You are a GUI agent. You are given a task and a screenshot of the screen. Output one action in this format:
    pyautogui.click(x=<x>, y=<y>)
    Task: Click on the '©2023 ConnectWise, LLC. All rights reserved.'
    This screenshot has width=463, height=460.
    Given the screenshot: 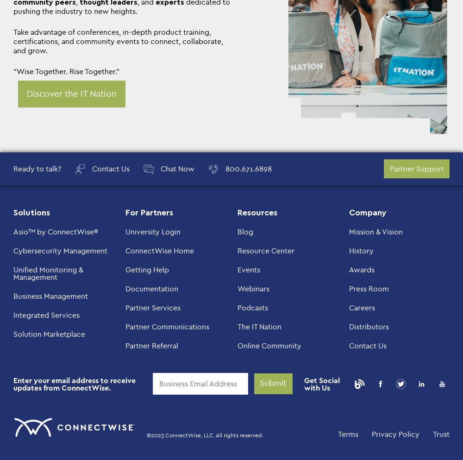 What is the action you would take?
    pyautogui.click(x=146, y=434)
    